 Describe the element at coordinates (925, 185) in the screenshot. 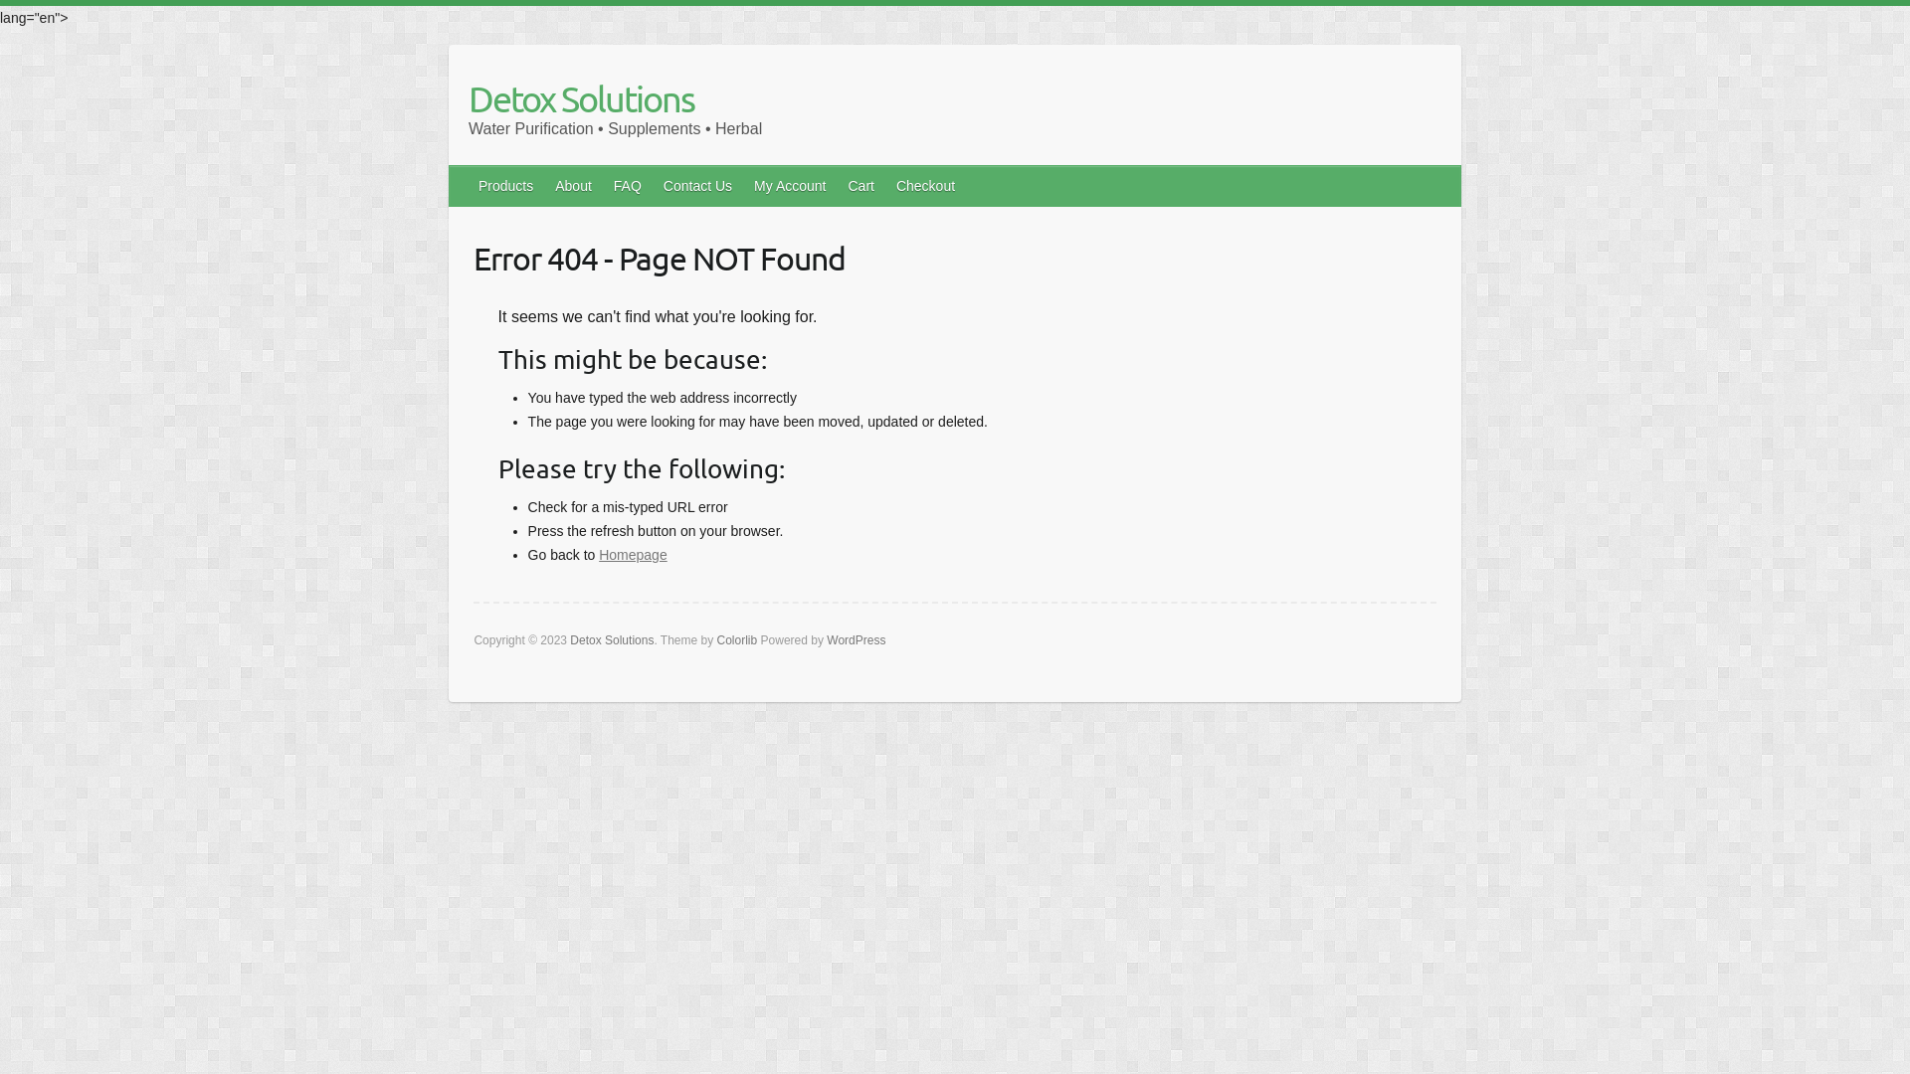

I see `'Checkout'` at that location.